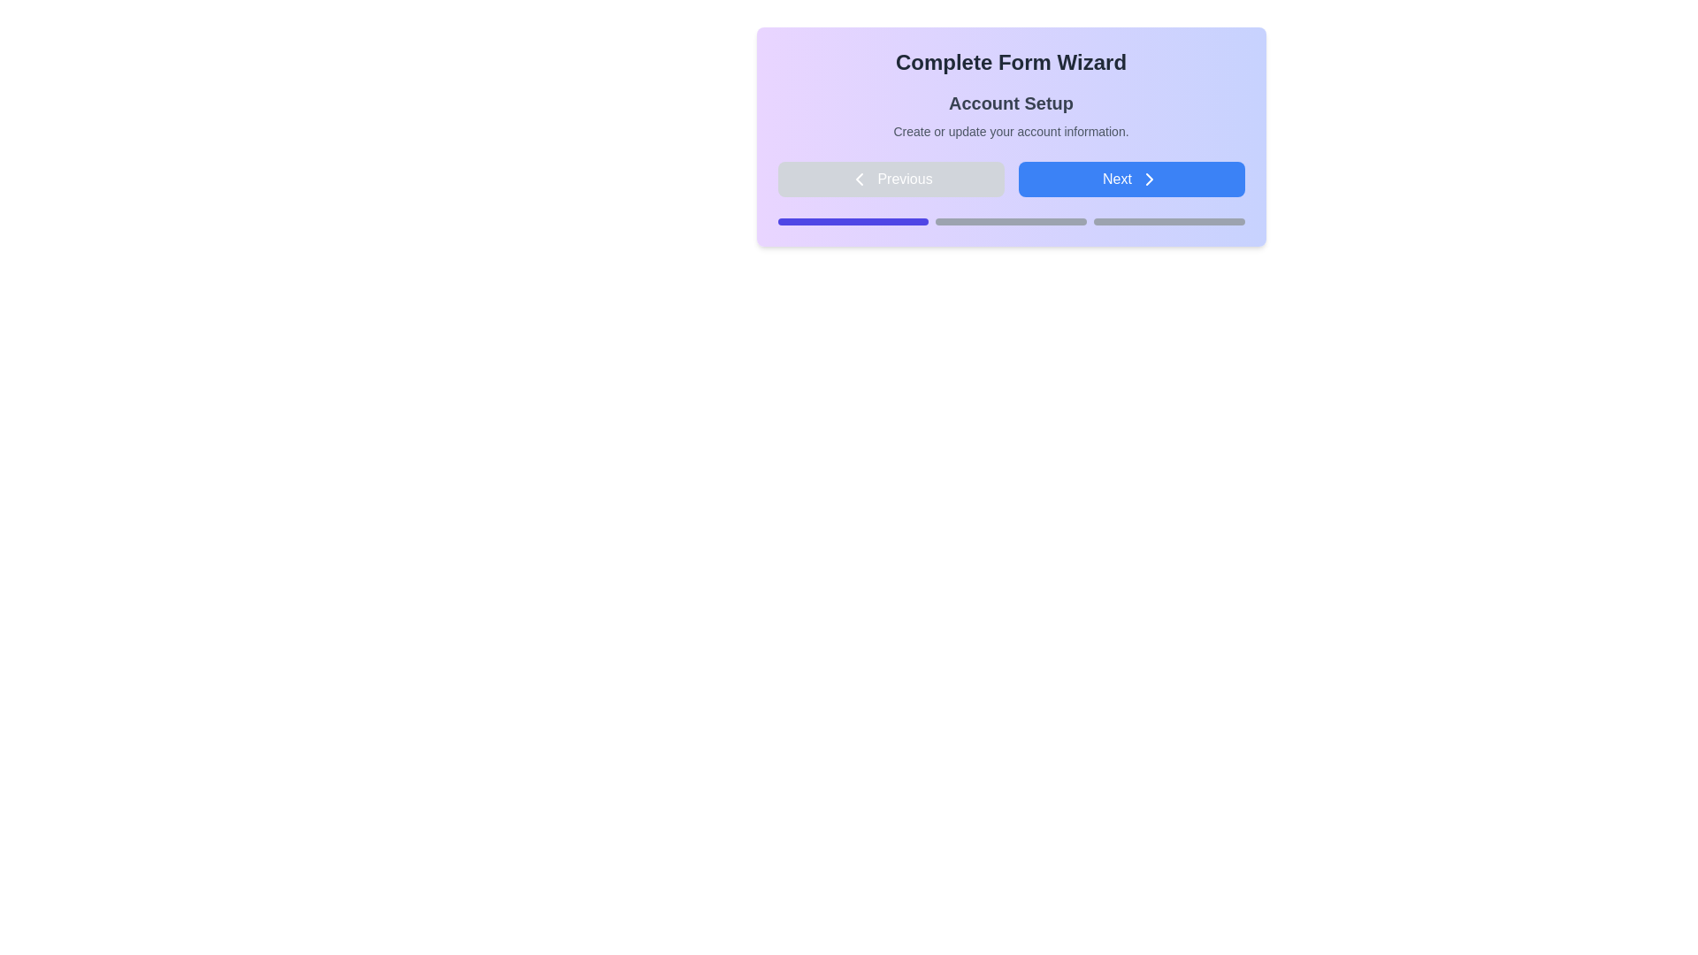 This screenshot has width=1698, height=955. Describe the element at coordinates (1011, 103) in the screenshot. I see `the Text Label that serves as a section title indicating the purpose of the form or section below it, located near the top center of the interface, just below 'Complete Form Wizard'` at that location.